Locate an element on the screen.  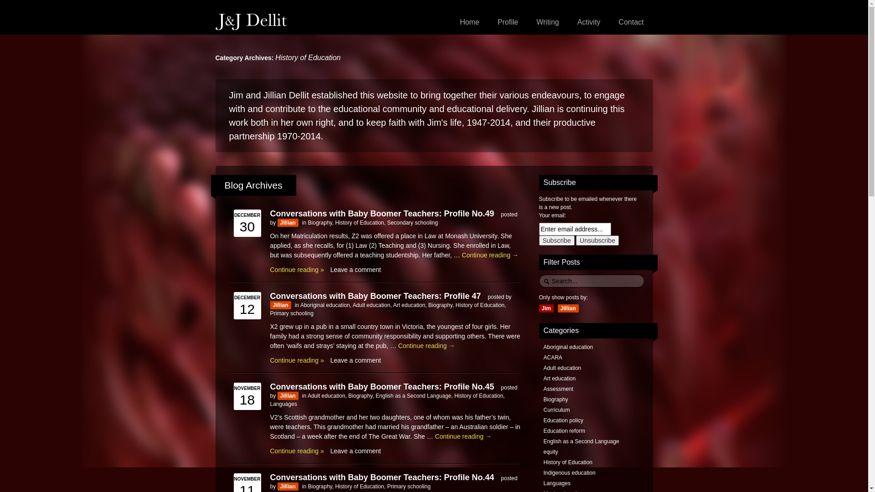
'Indigenous education' is located at coordinates (568, 472).